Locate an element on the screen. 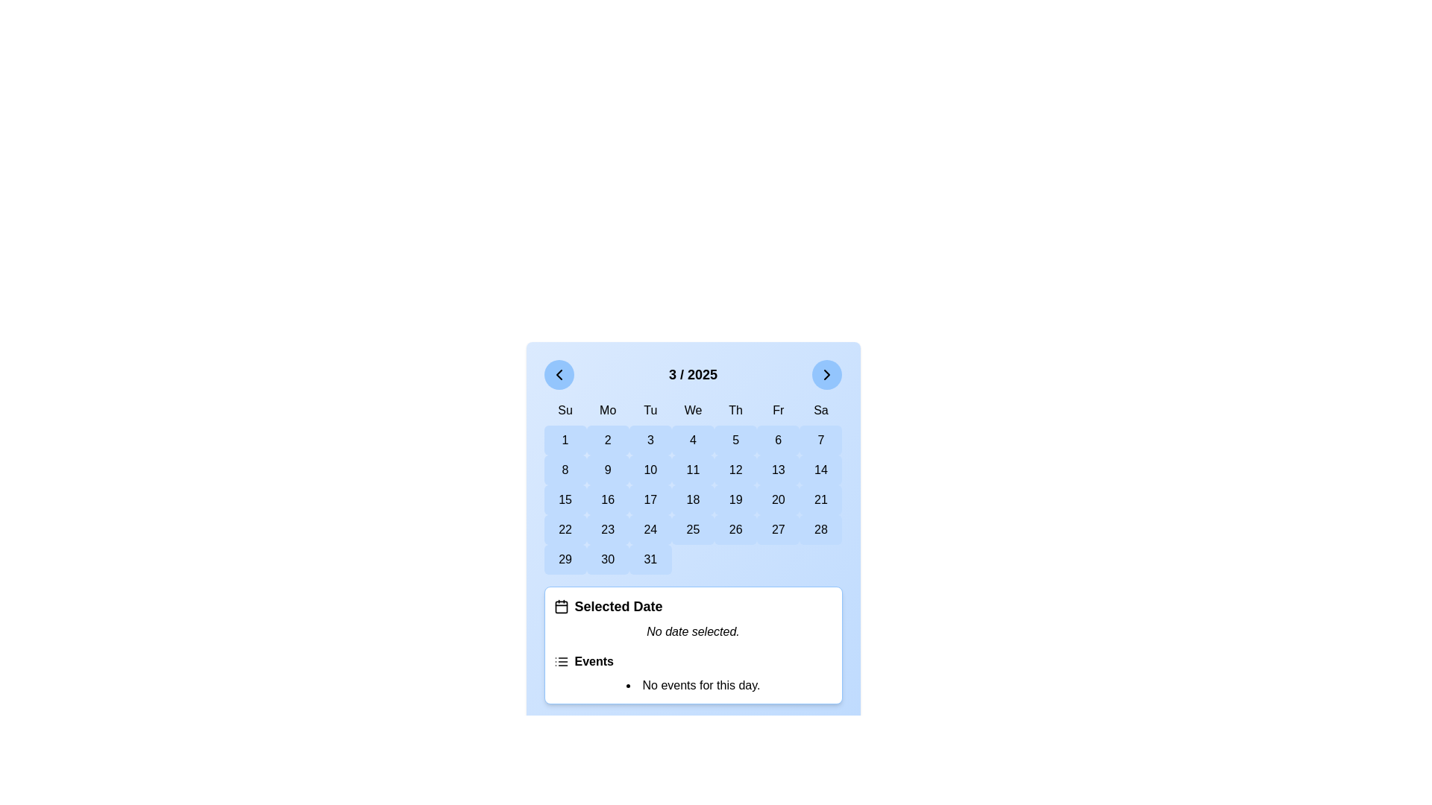 This screenshot has height=805, width=1432. the calendar date button displaying the number '9', which is a rounded rectangle with a light blue background, located in the second column of the second row under the 'Mo' header is located at coordinates (608, 470).